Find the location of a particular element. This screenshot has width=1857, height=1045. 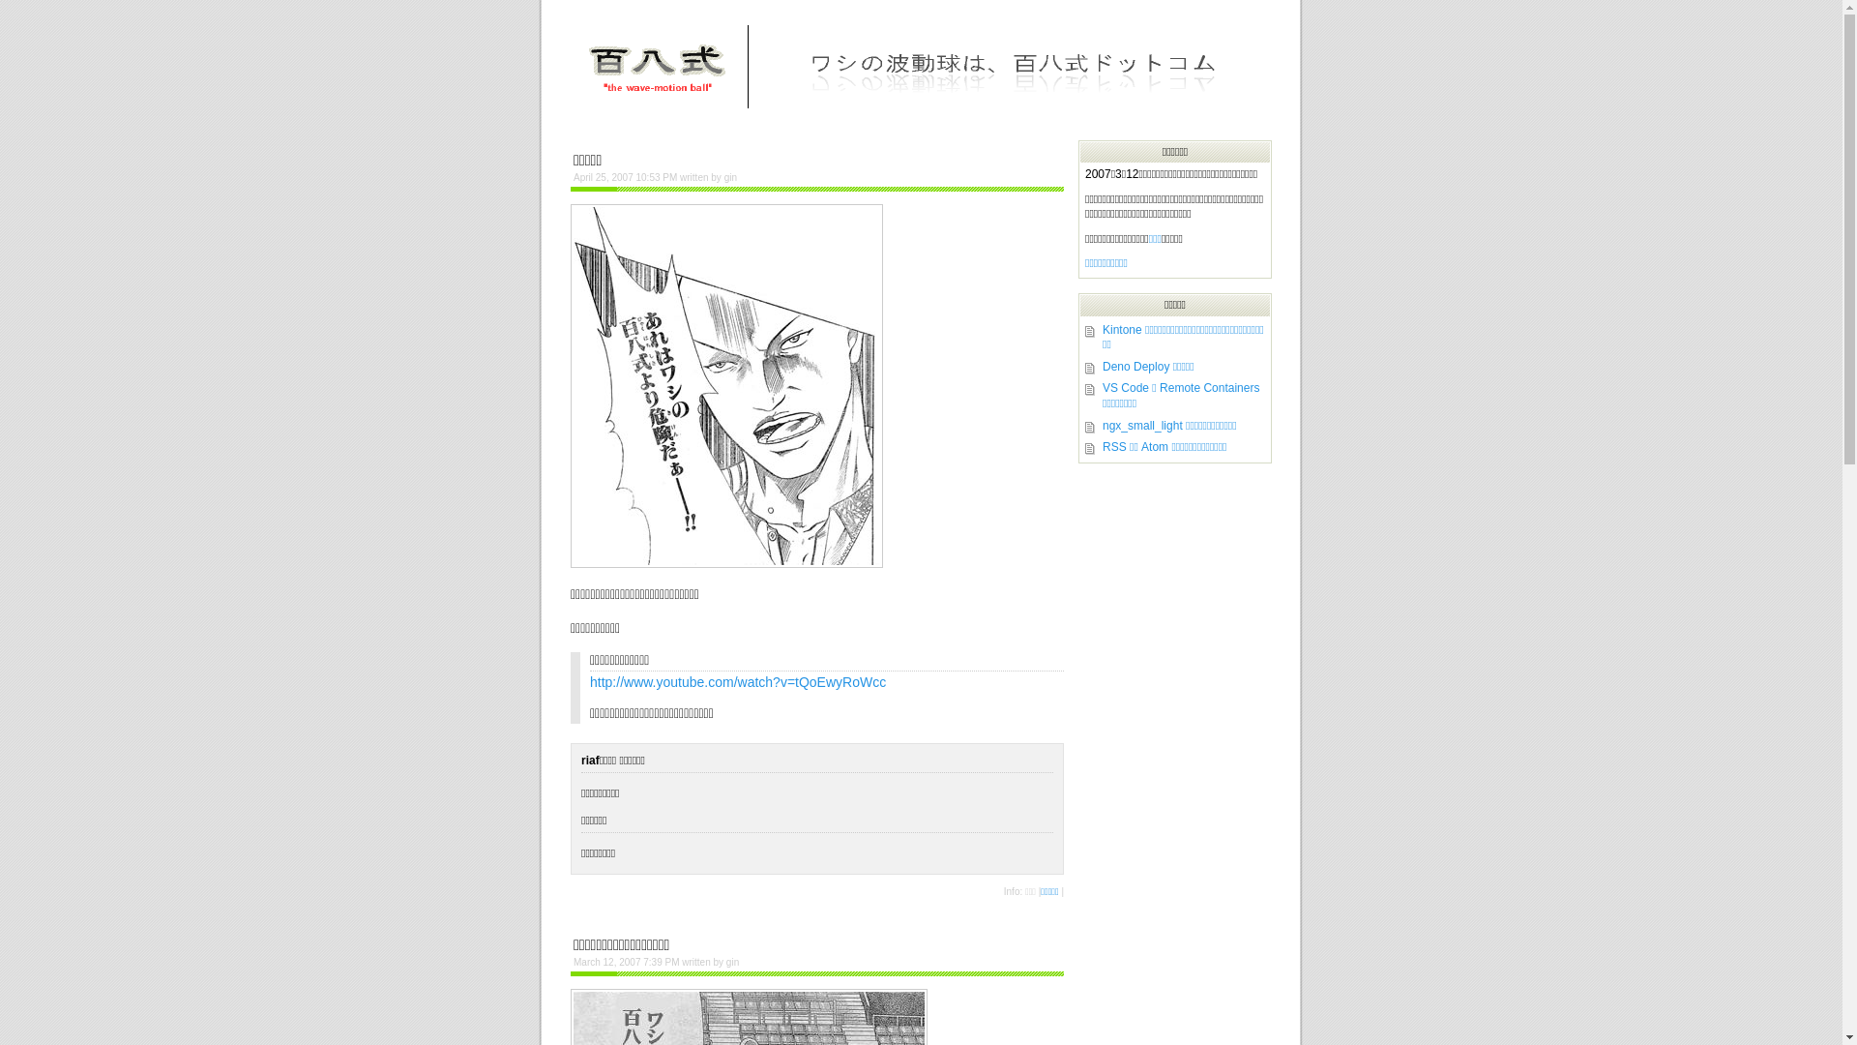

'http://www.youtube.com/watch?v=tQoEwyRoWcc' is located at coordinates (737, 681).